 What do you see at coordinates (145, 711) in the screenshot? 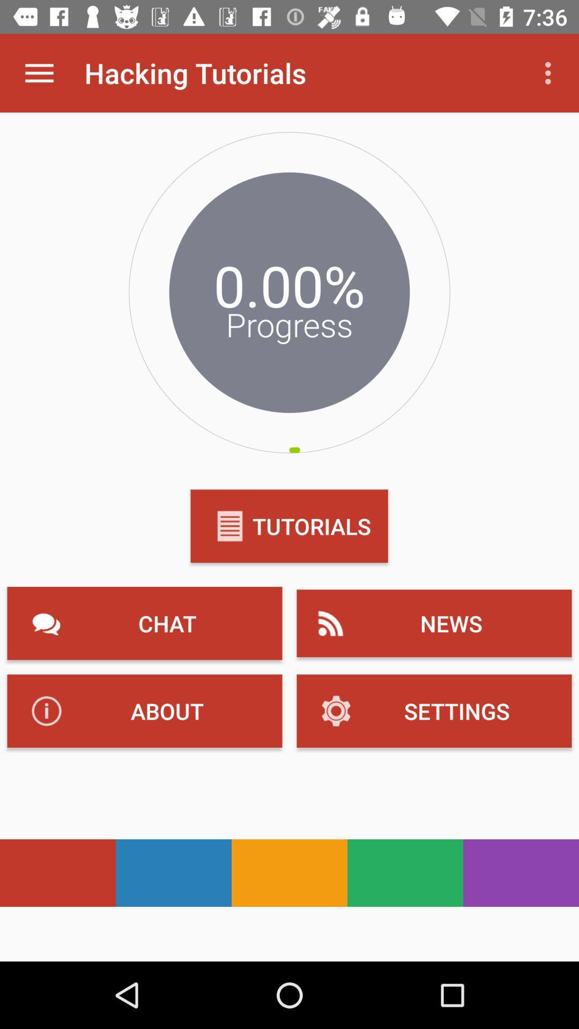
I see `the button which has the text about` at bounding box center [145, 711].